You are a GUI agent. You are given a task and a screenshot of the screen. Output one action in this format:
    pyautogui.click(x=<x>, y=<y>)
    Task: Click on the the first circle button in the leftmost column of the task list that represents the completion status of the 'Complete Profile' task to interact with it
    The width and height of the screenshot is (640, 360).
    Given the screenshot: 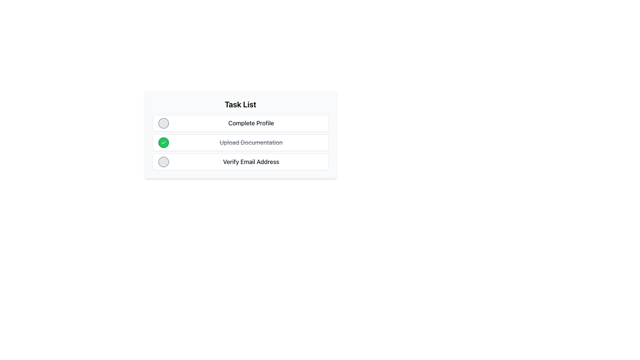 What is the action you would take?
    pyautogui.click(x=163, y=123)
    